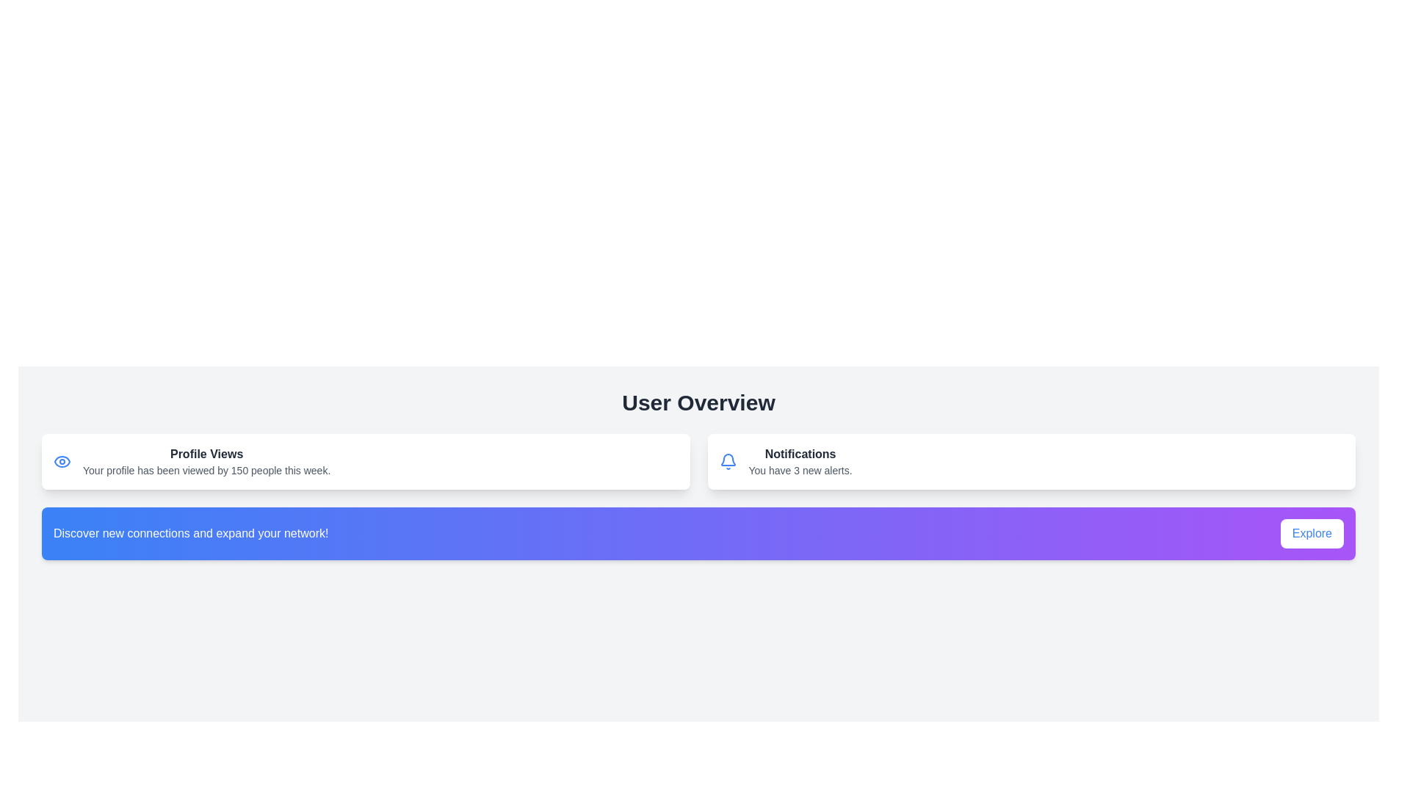 This screenshot has height=793, width=1410. What do you see at coordinates (698, 533) in the screenshot?
I see `displayed message on the Call-to-action banner located at the bottom of the 'User Overview' section, which features a prominent 'Explore' button` at bounding box center [698, 533].